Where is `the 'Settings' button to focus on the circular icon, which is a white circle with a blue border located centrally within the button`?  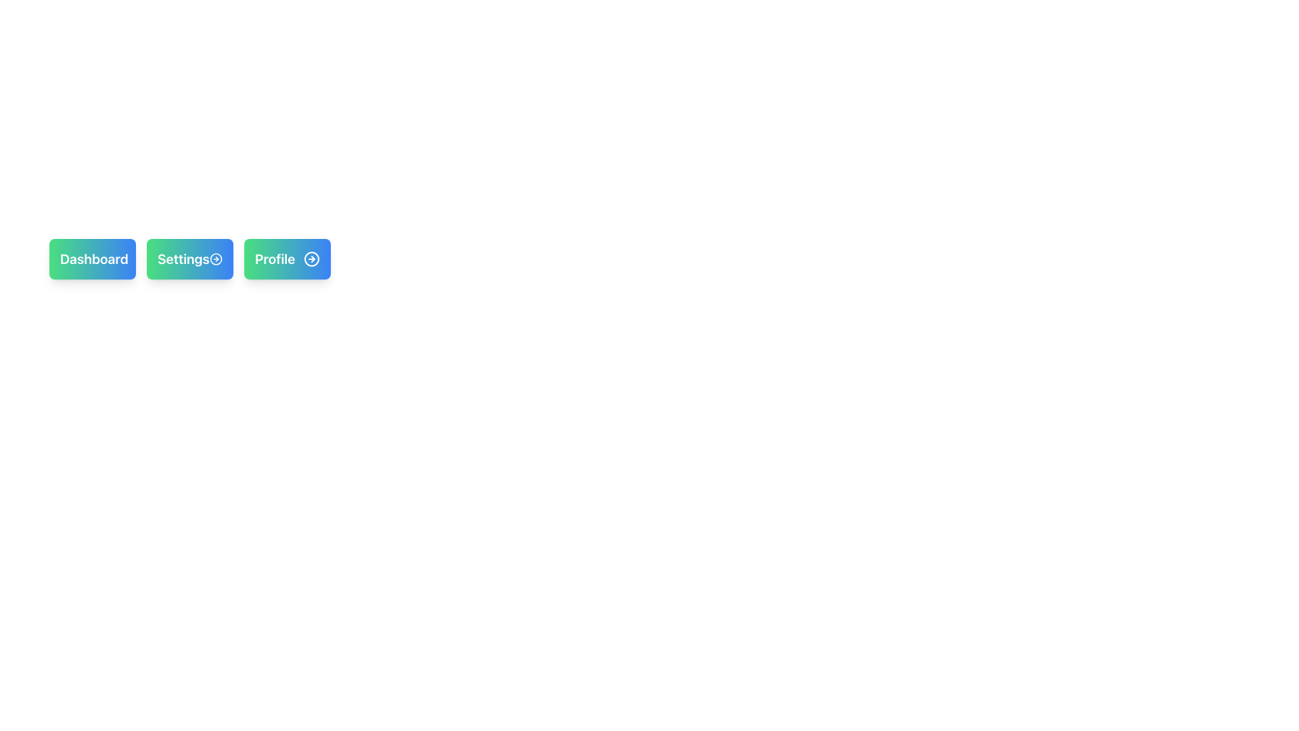
the 'Settings' button to focus on the circular icon, which is a white circle with a blue border located centrally within the button is located at coordinates (215, 259).